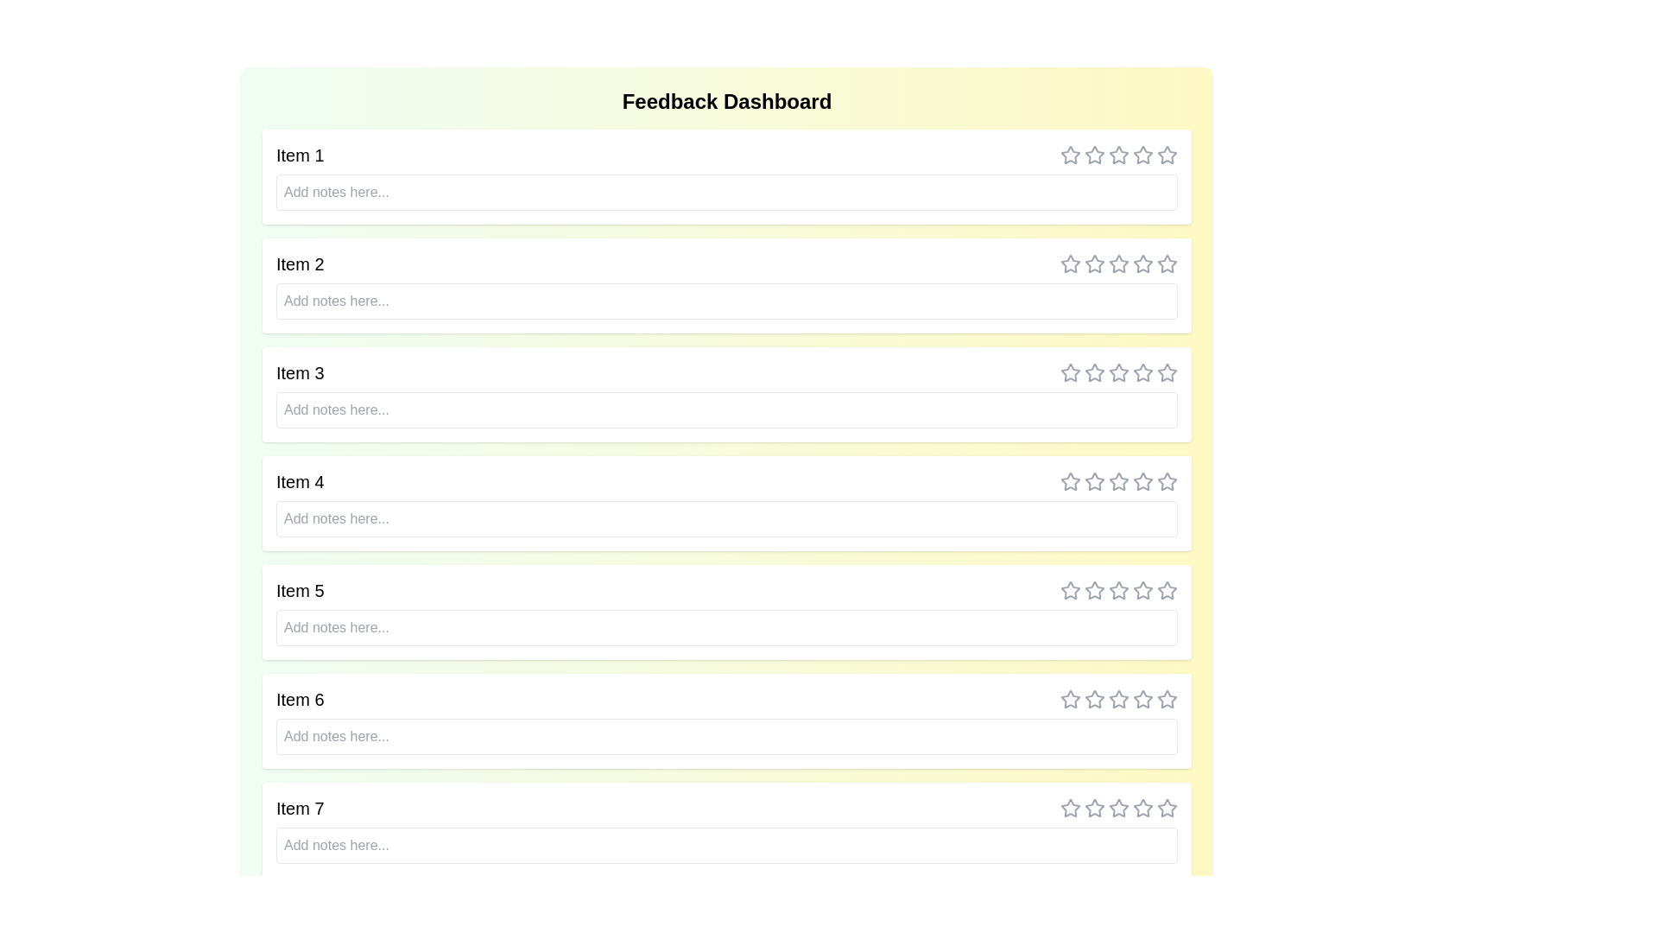 The image size is (1658, 933). Describe the element at coordinates (1069, 155) in the screenshot. I see `the rating for an item to 1 stars` at that location.